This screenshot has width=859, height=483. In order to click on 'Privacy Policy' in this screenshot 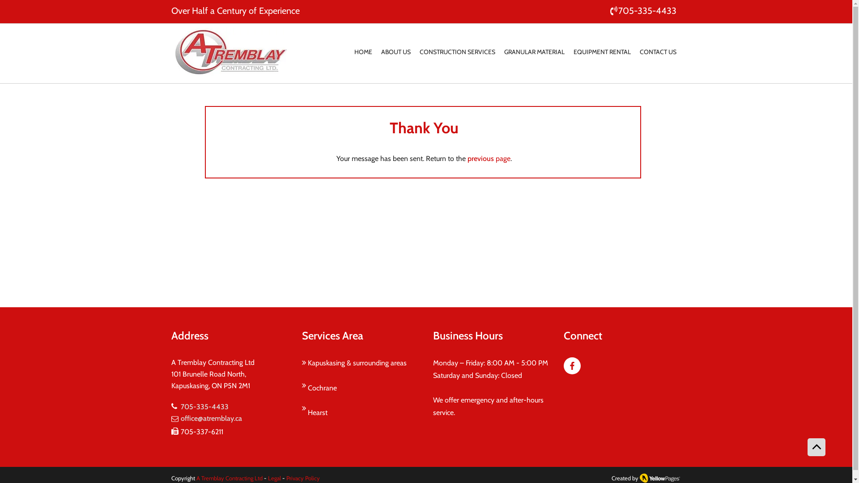, I will do `click(302, 477)`.